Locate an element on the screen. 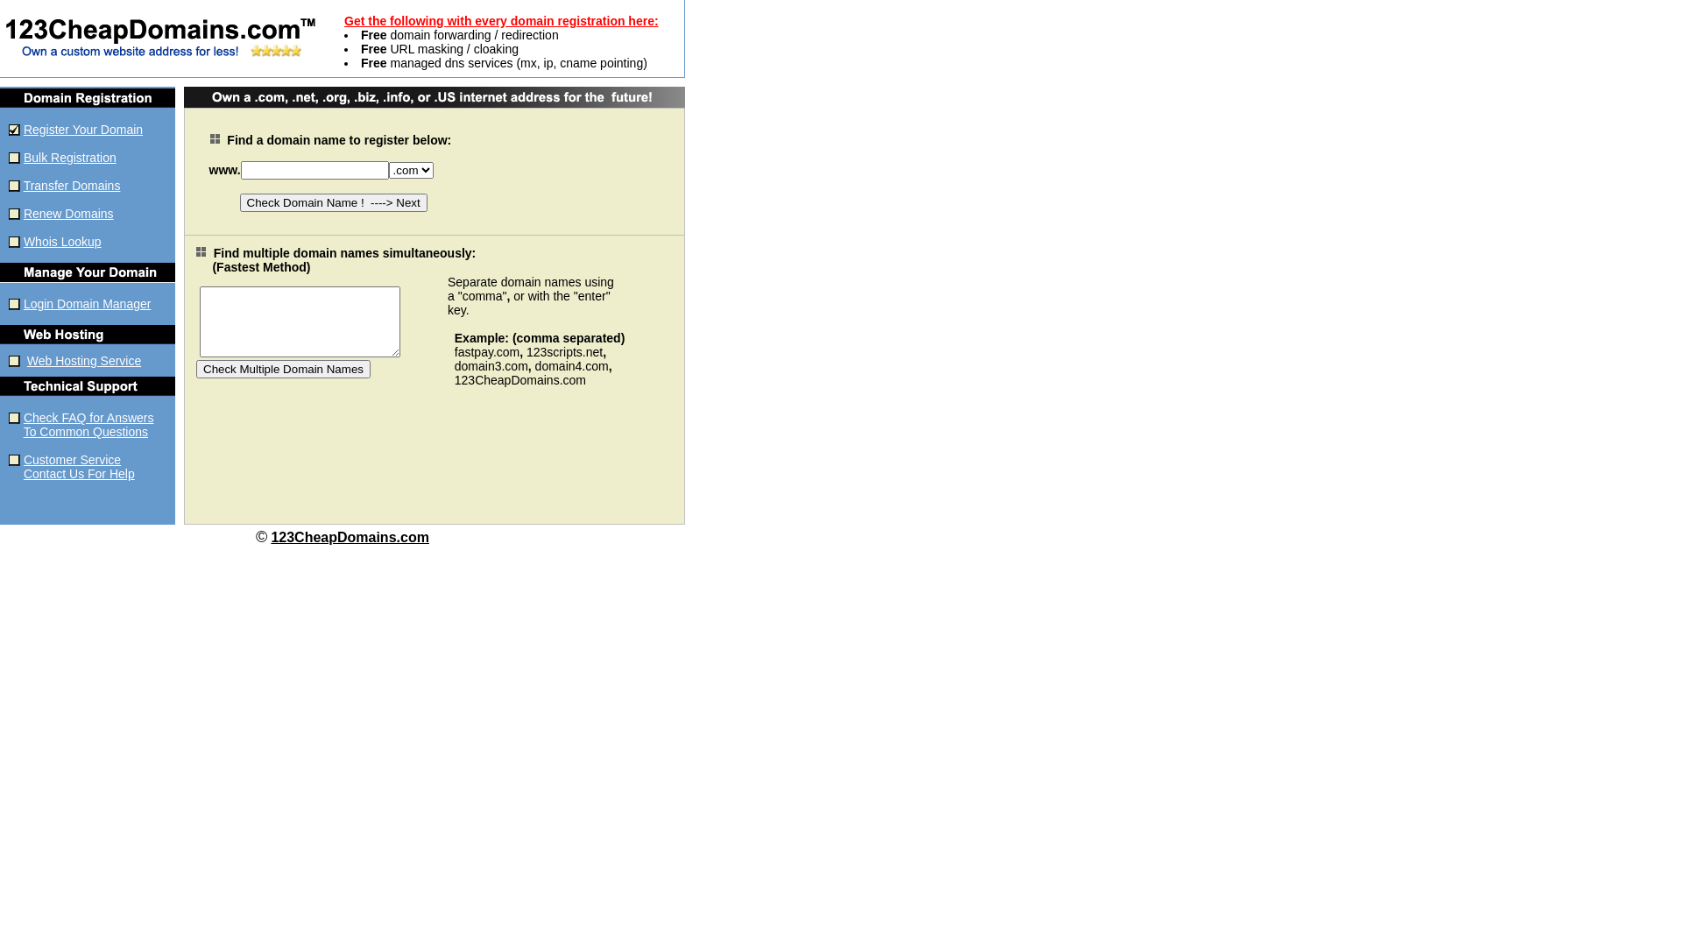  'Check Multiple Domain Names' is located at coordinates (283, 367).